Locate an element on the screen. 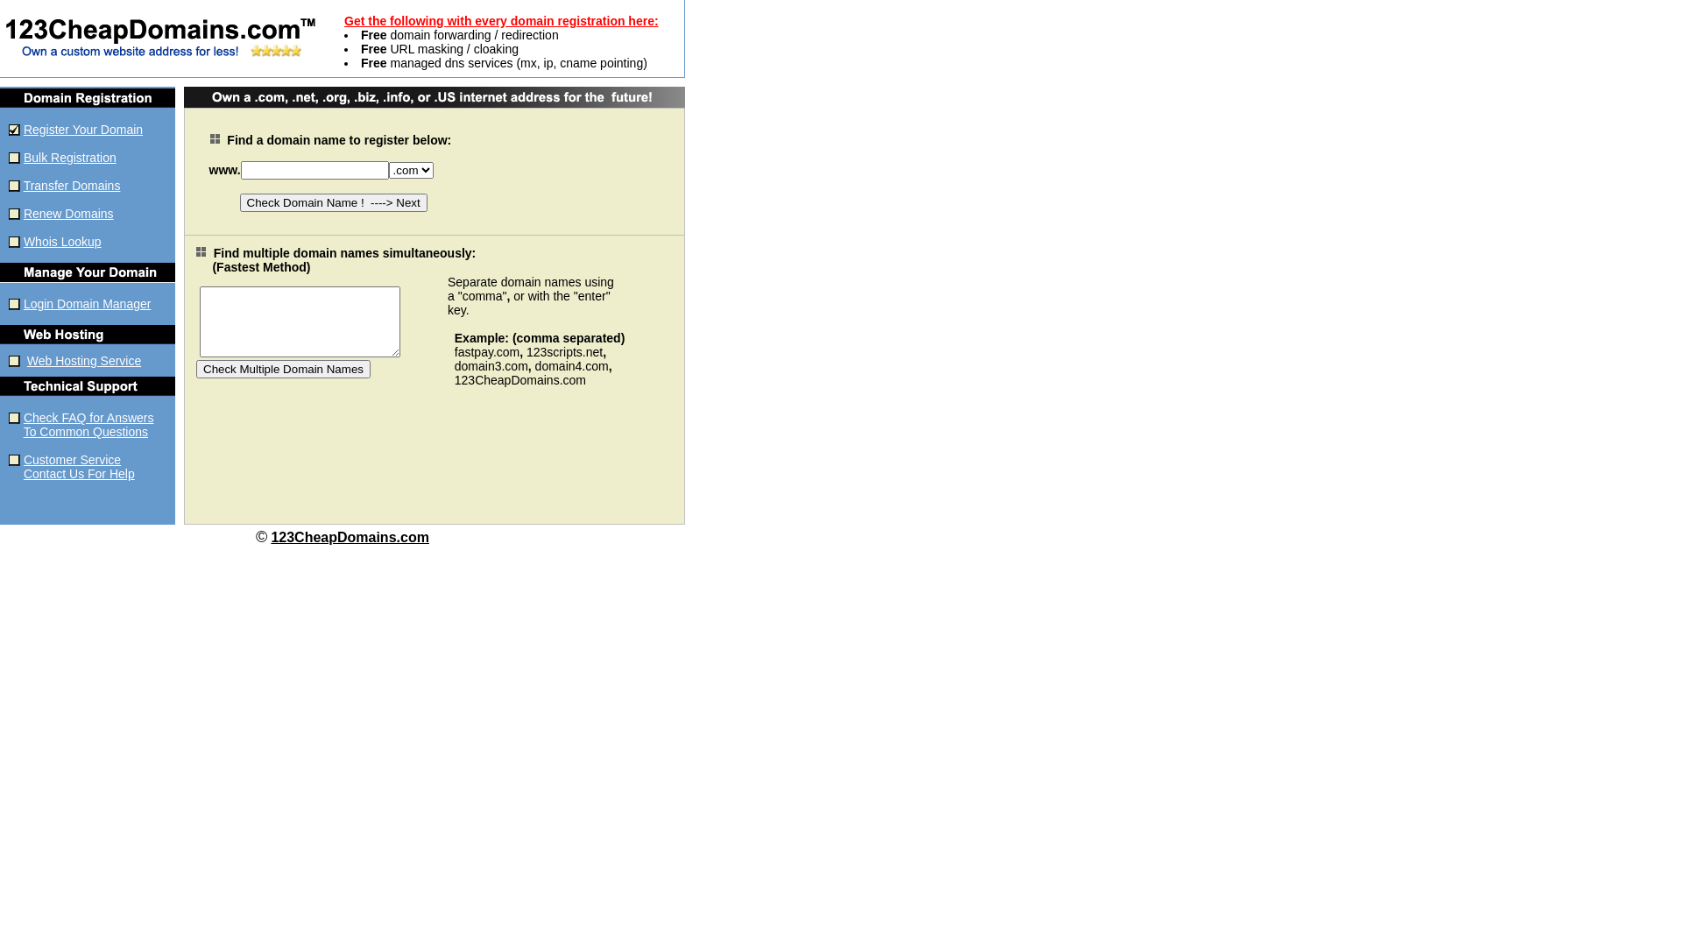  'Check Multiple Domain Names' is located at coordinates (283, 367).